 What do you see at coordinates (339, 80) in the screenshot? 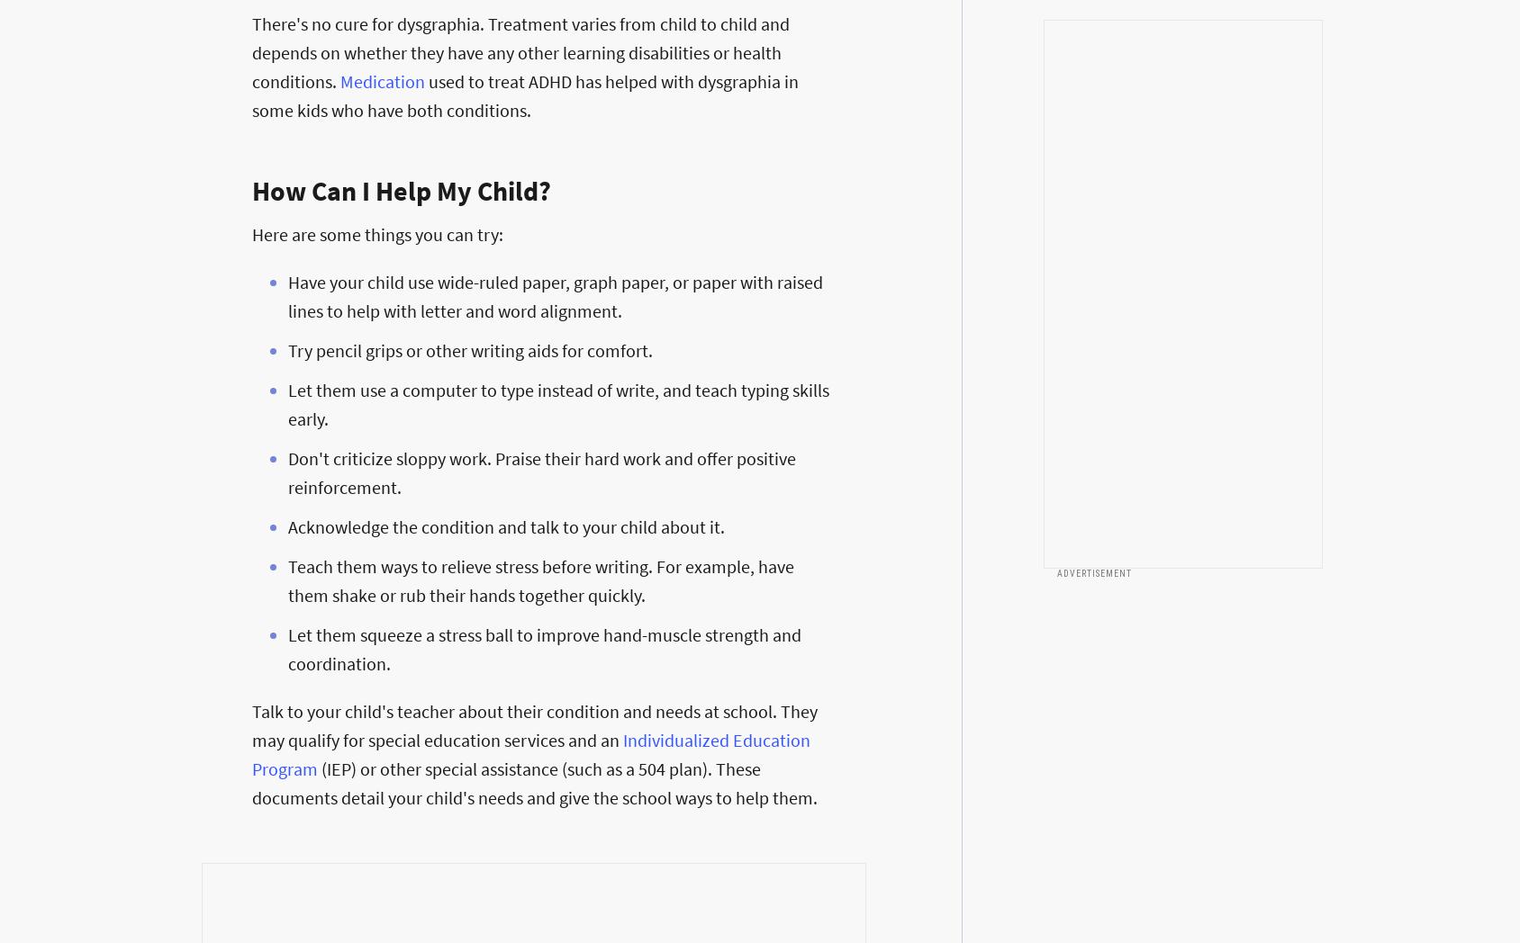
I see `'Medication'` at bounding box center [339, 80].